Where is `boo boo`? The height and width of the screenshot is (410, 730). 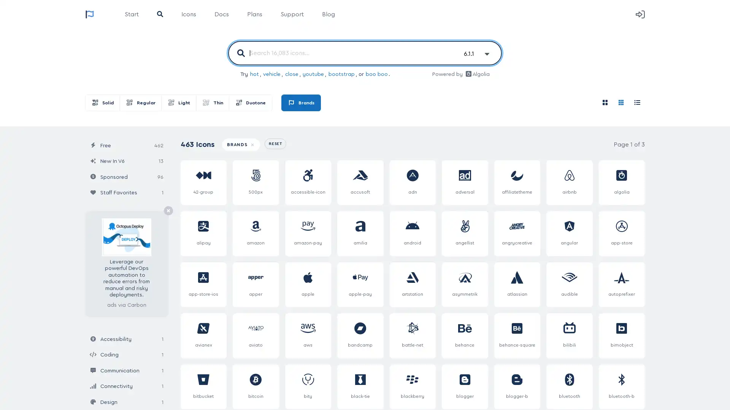 boo boo is located at coordinates (376, 74).